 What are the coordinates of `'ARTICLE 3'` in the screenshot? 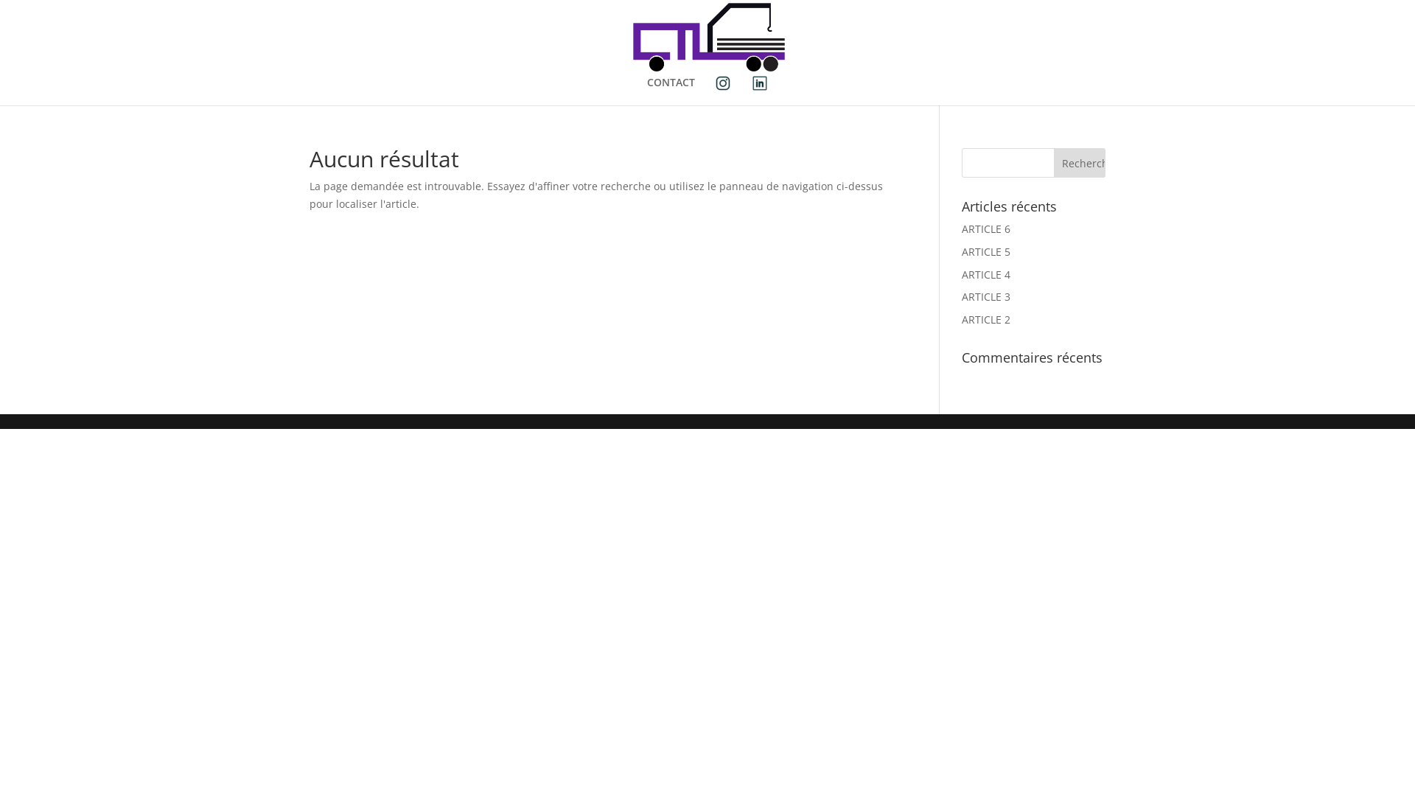 It's located at (962, 296).